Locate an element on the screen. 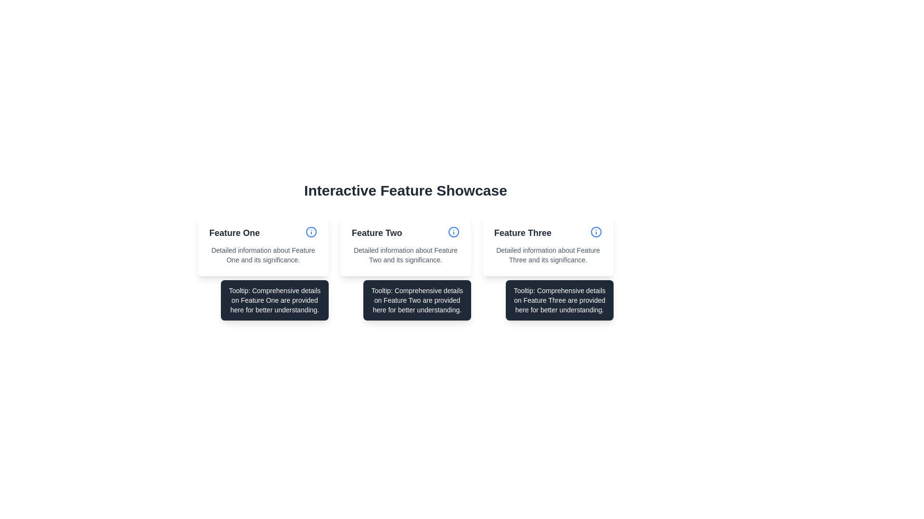 This screenshot has height=519, width=924. information displayed on the Informational Card for 'Feature Three', located as the third card from the left in a row of three cards, positioned in the middle right of the viewport is located at coordinates (548, 245).